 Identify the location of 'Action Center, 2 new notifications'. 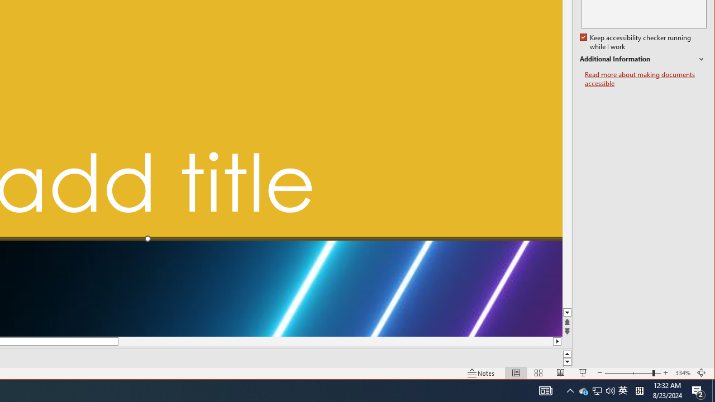
(698, 390).